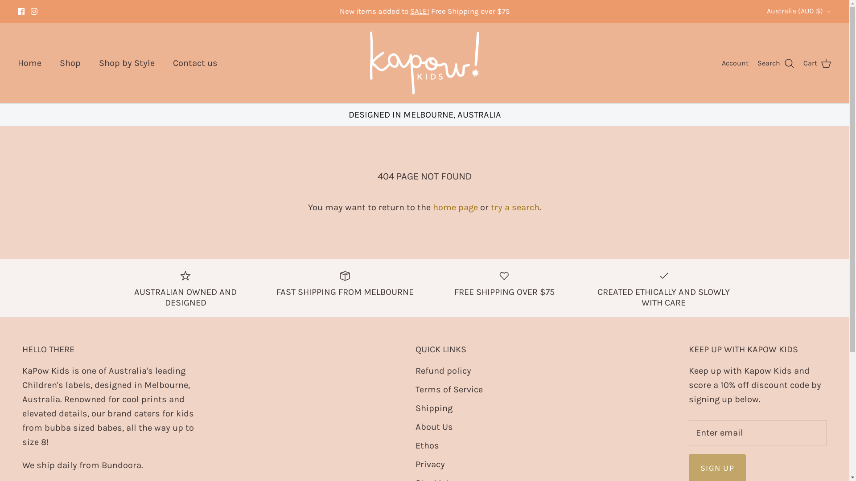  What do you see at coordinates (415, 464) in the screenshot?
I see `'Privacy'` at bounding box center [415, 464].